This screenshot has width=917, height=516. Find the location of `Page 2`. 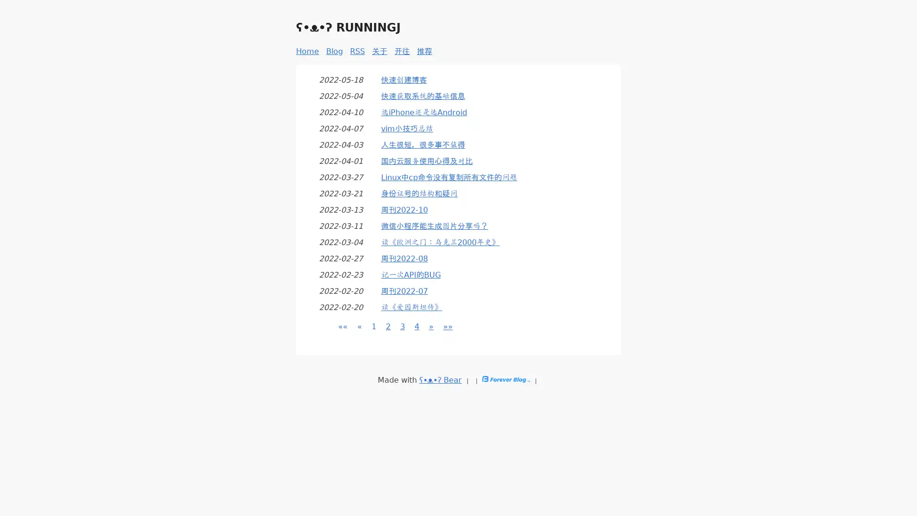

Page 2 is located at coordinates (388, 325).